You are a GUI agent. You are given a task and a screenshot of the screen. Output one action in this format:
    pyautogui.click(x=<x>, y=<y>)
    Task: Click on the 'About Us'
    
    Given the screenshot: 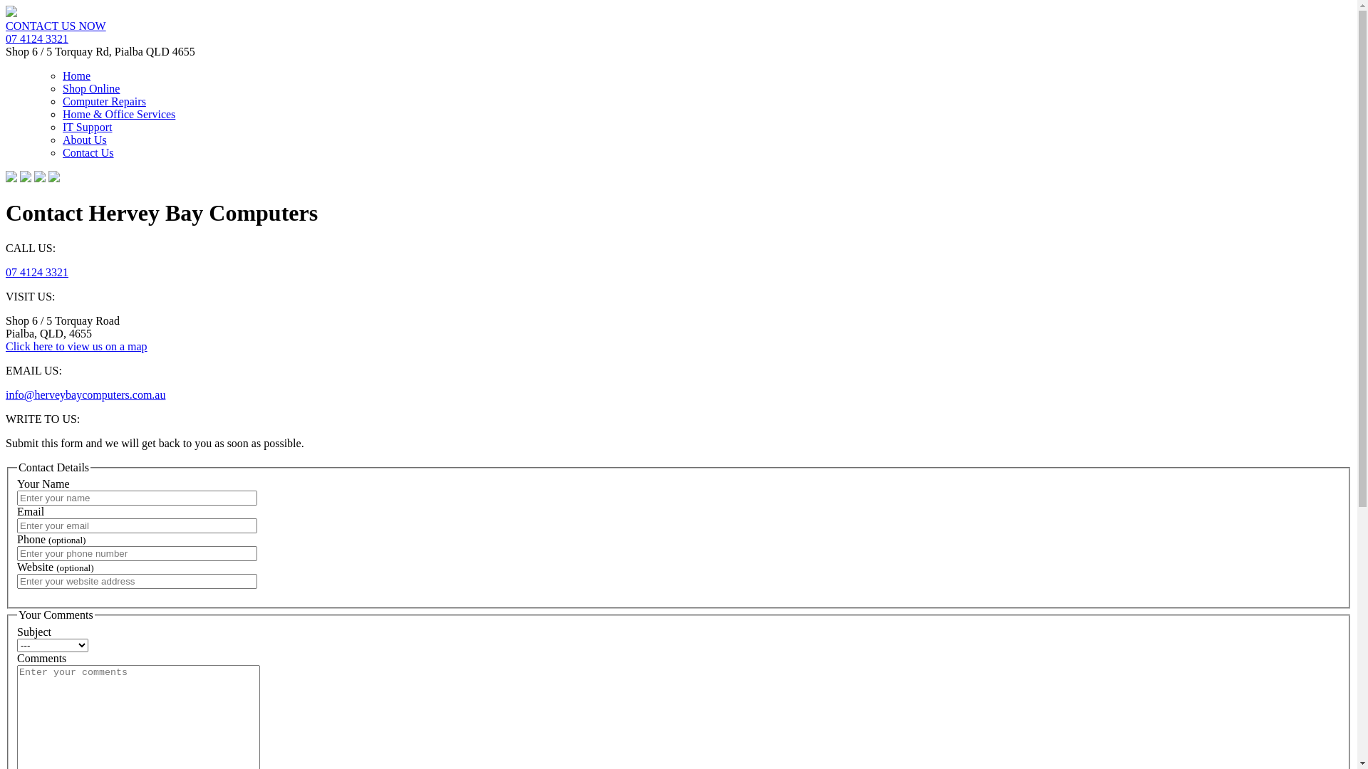 What is the action you would take?
    pyautogui.click(x=84, y=140)
    